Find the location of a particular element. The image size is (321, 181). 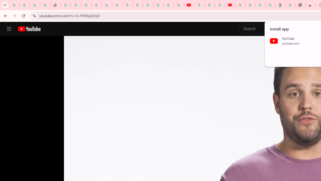

'Google Account Help' is located at coordinates (210, 5).